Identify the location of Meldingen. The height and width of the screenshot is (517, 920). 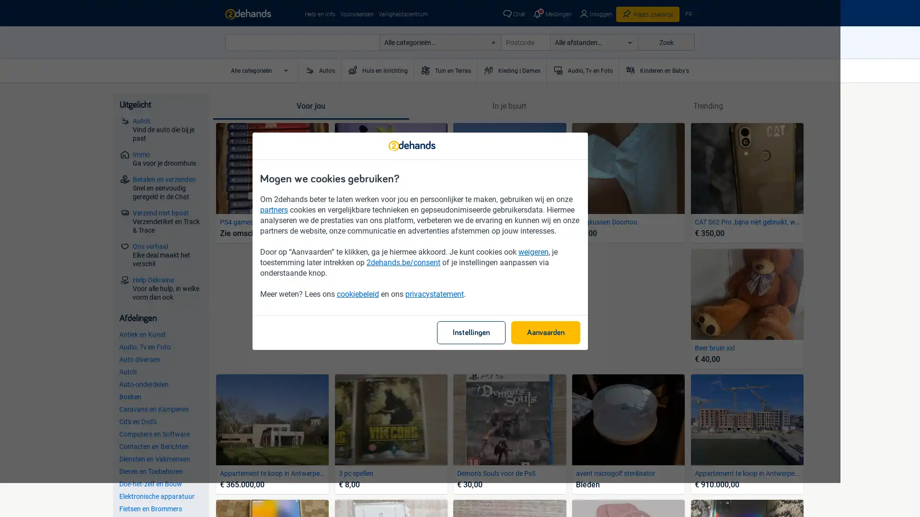
(552, 14).